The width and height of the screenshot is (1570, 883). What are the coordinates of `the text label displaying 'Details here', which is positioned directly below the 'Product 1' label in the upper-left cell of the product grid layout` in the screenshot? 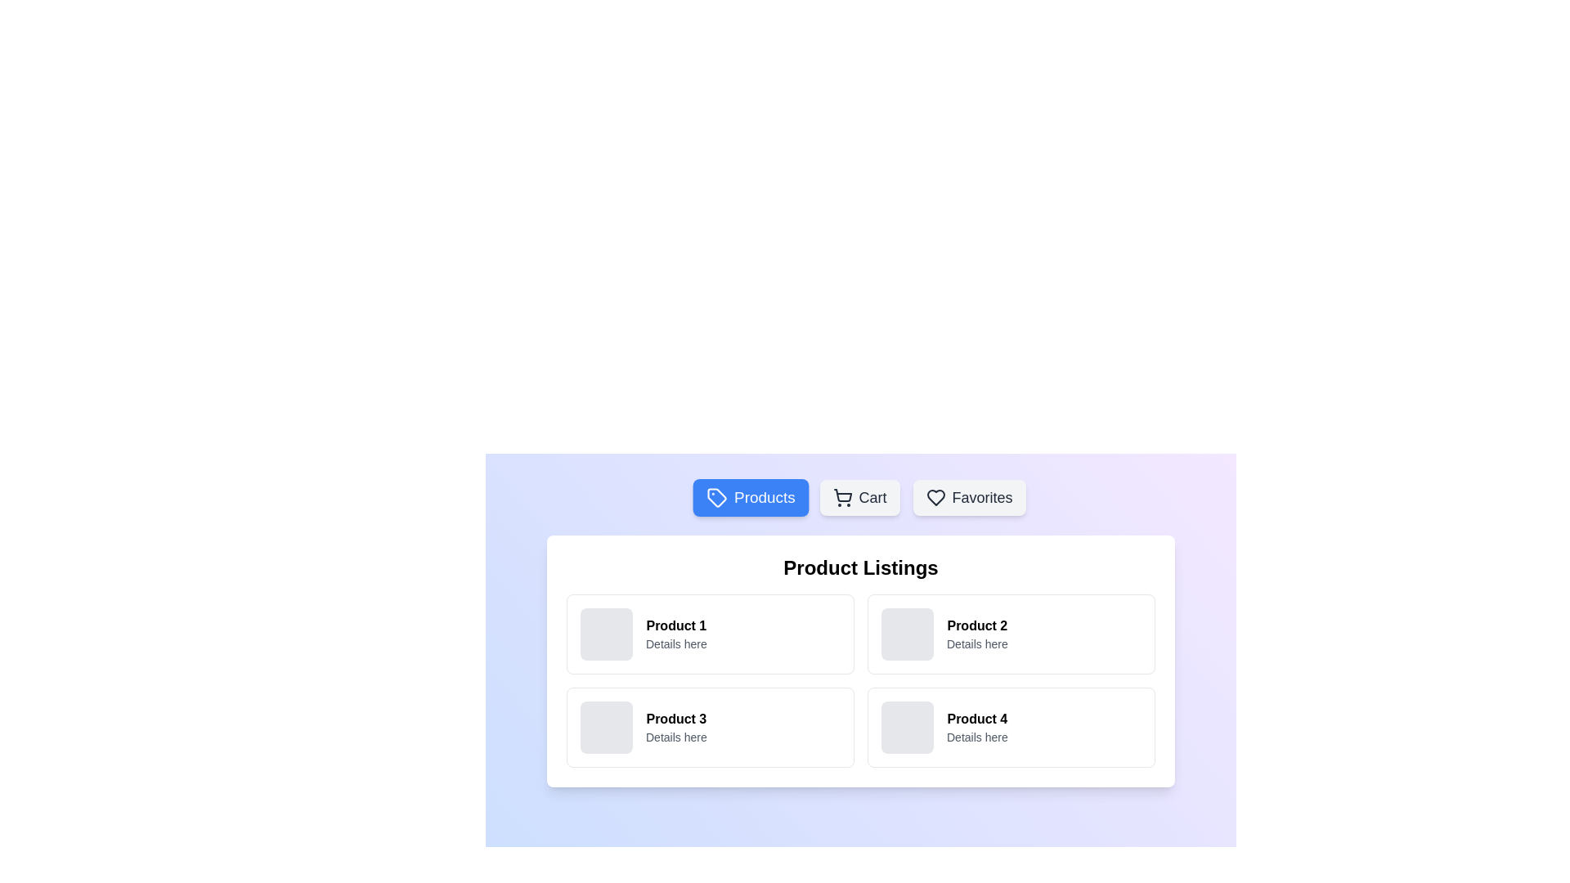 It's located at (676, 643).